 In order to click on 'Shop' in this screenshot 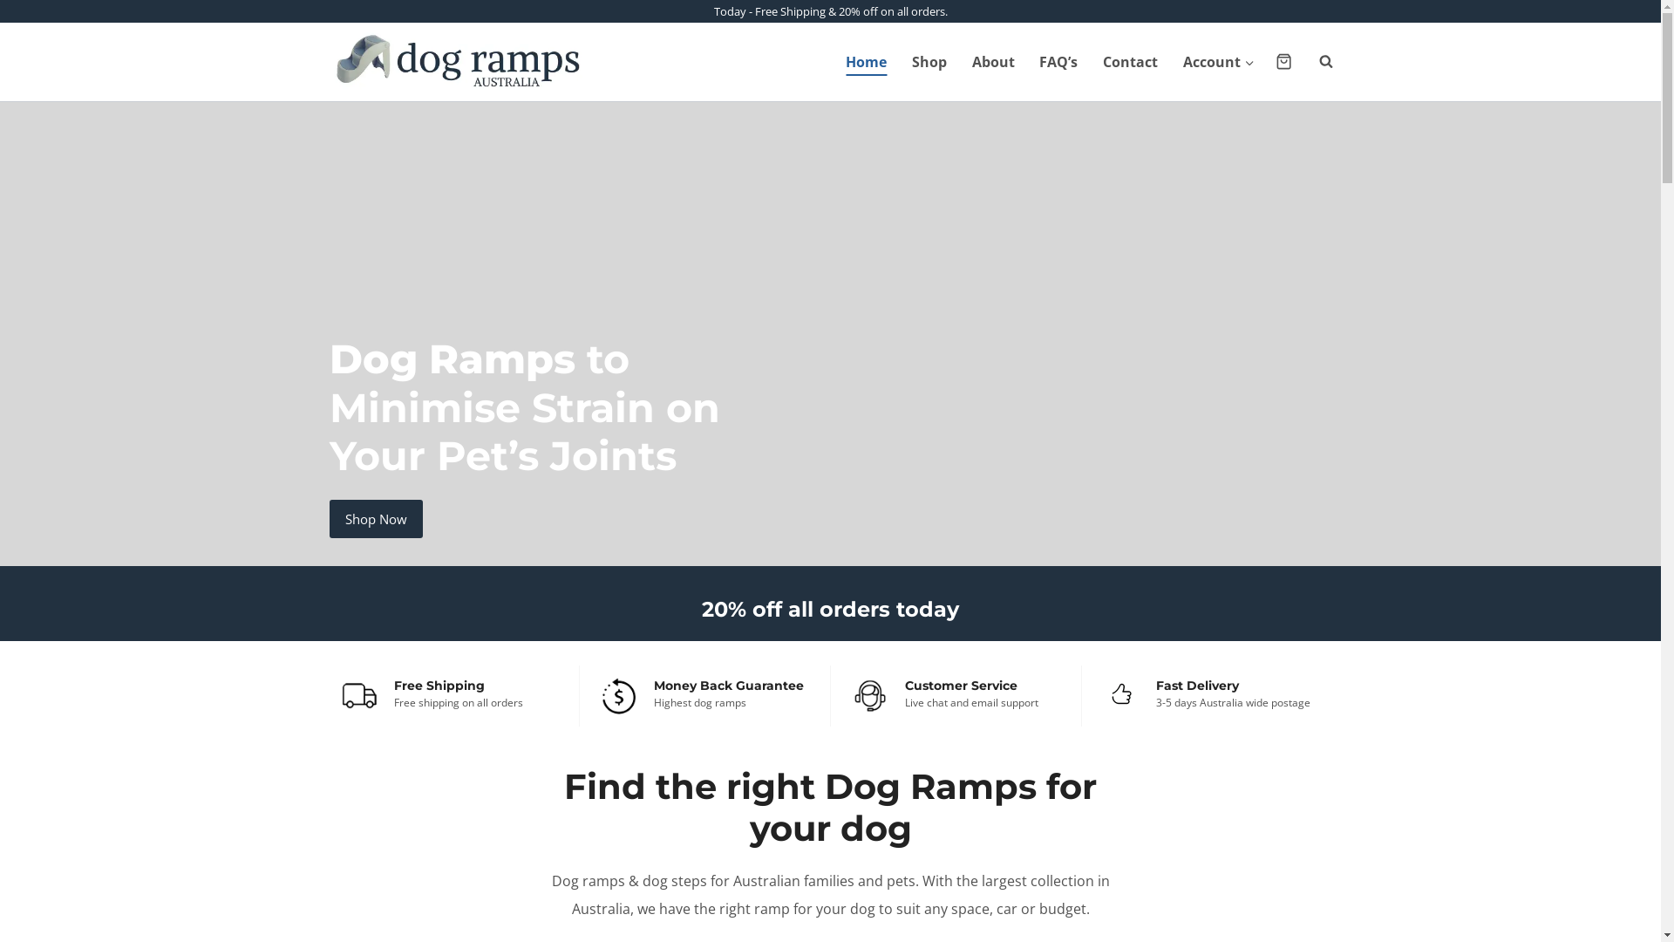, I will do `click(899, 60)`.